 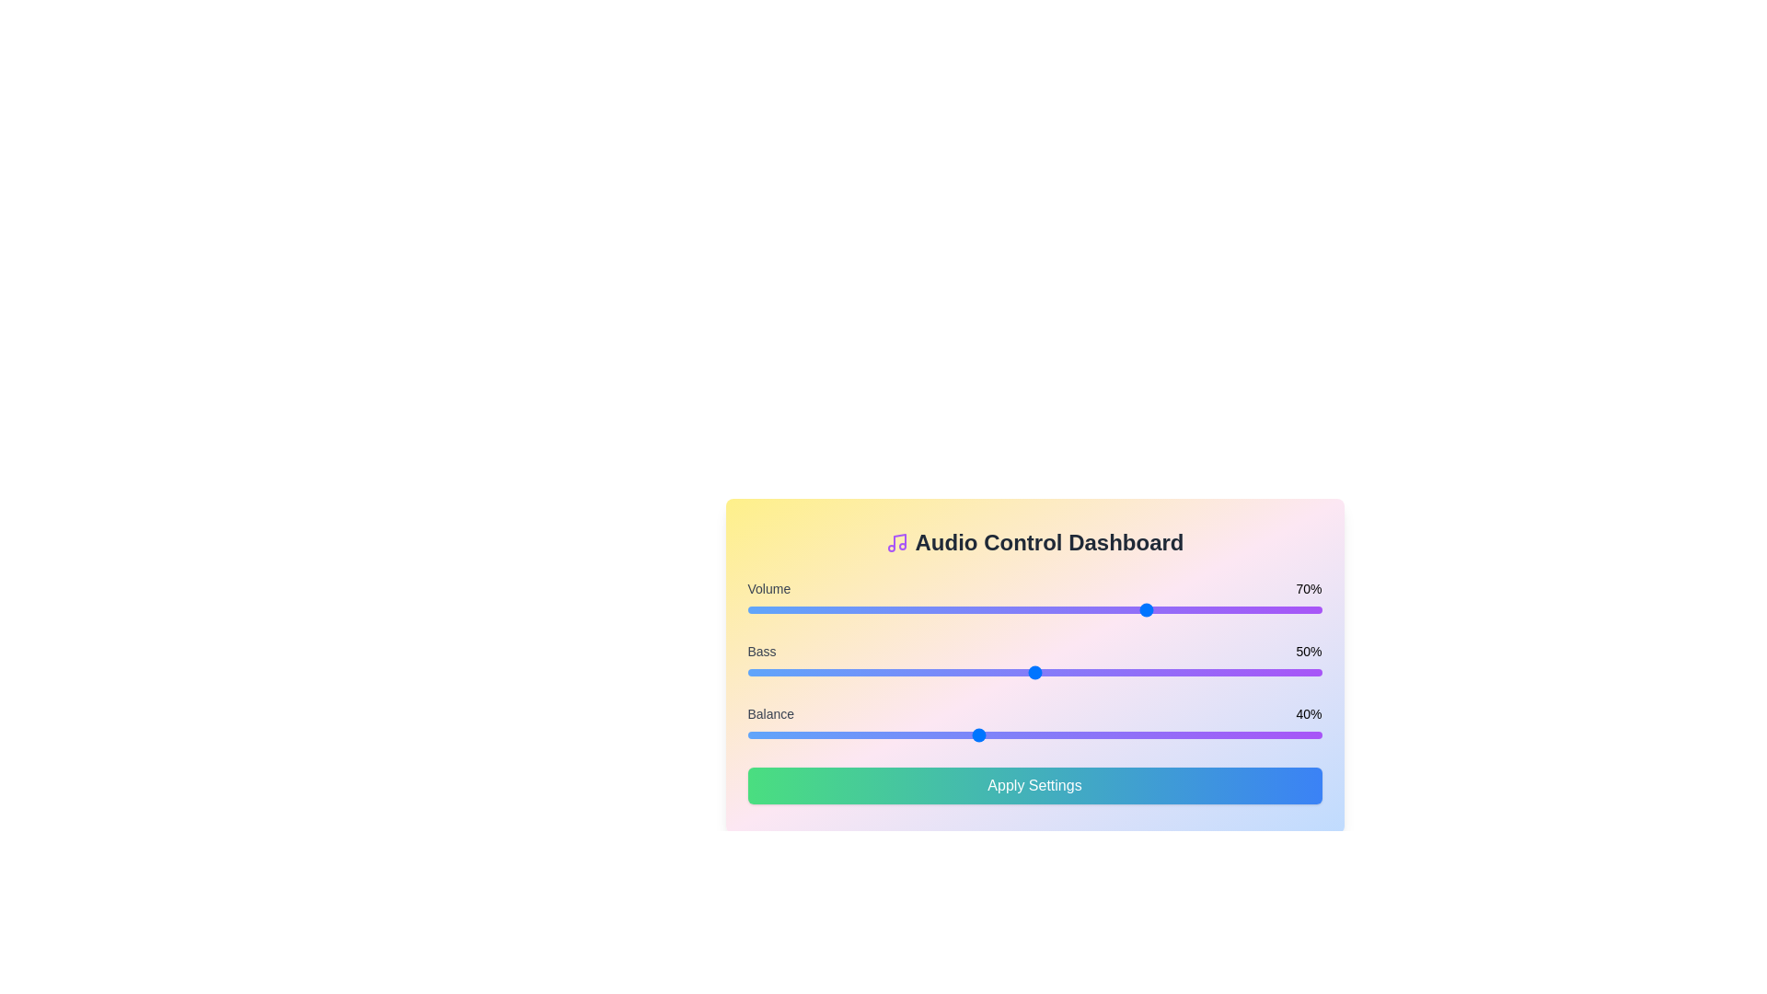 I want to click on bass level, so click(x=810, y=673).